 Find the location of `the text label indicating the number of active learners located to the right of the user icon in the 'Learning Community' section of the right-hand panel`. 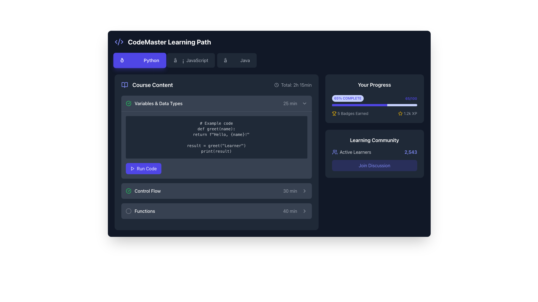

the text label indicating the number of active learners located to the right of the user icon in the 'Learning Community' section of the right-hand panel is located at coordinates (355, 152).